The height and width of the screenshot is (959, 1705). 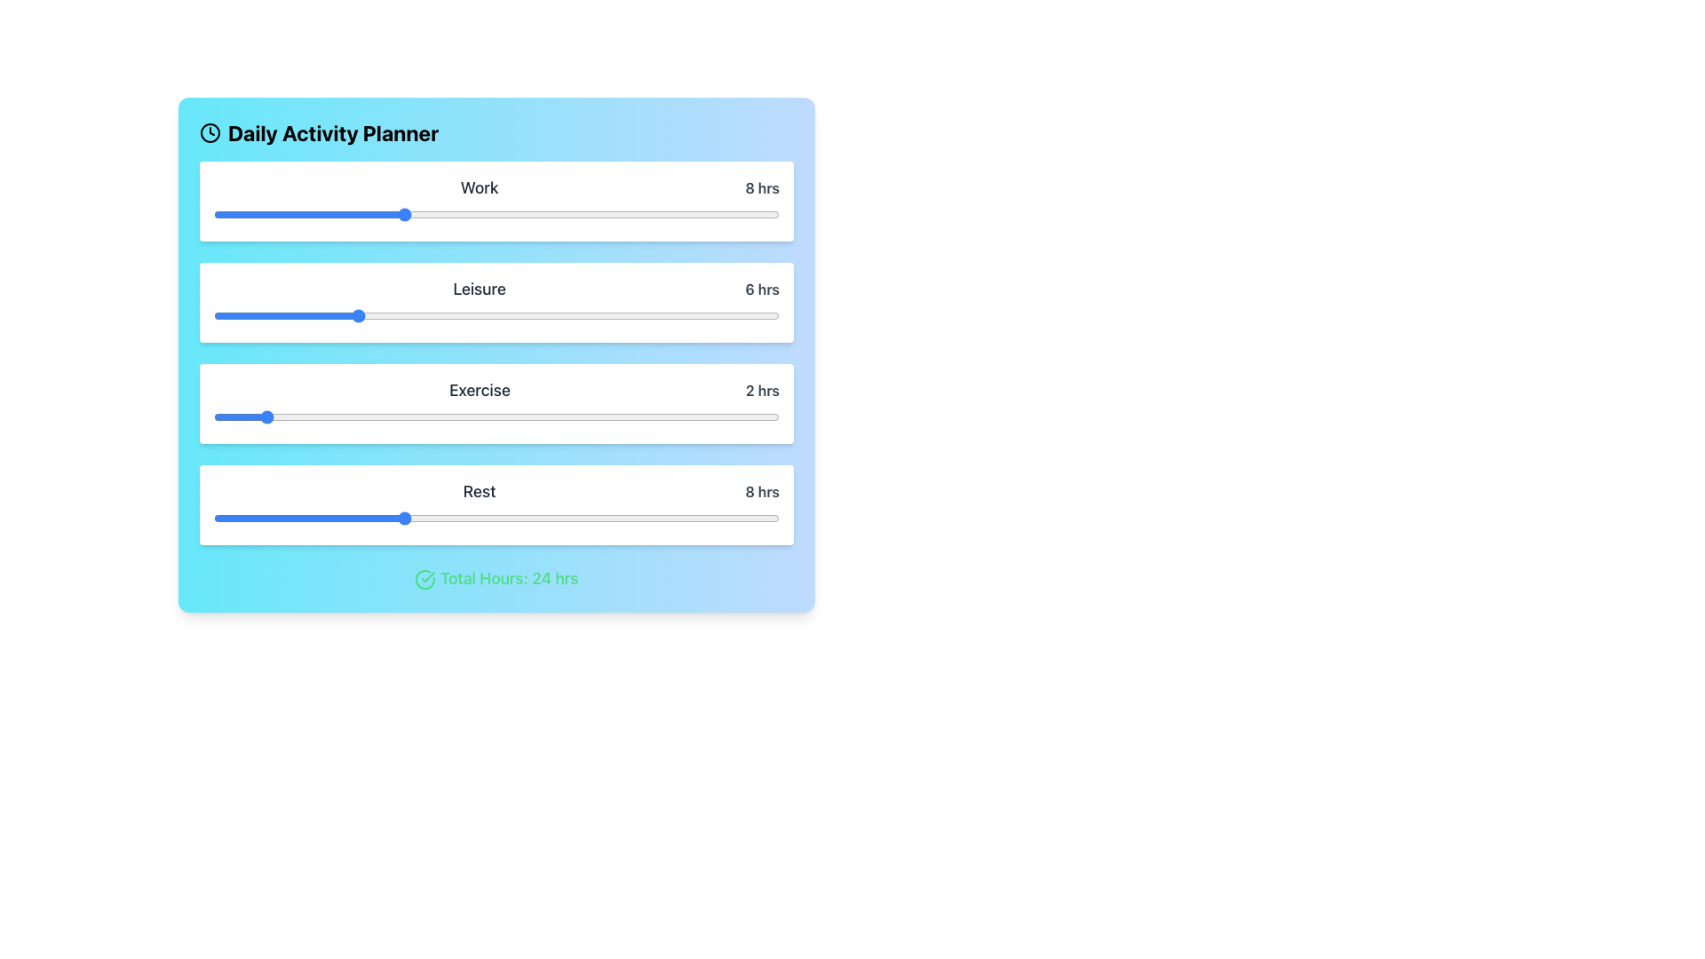 What do you see at coordinates (732, 417) in the screenshot?
I see `the Exercise duration` at bounding box center [732, 417].